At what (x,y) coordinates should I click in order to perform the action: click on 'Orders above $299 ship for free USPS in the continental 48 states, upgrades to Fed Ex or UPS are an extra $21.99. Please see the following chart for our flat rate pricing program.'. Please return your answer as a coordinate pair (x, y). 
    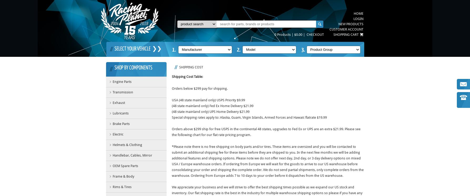
    Looking at the image, I should click on (266, 132).